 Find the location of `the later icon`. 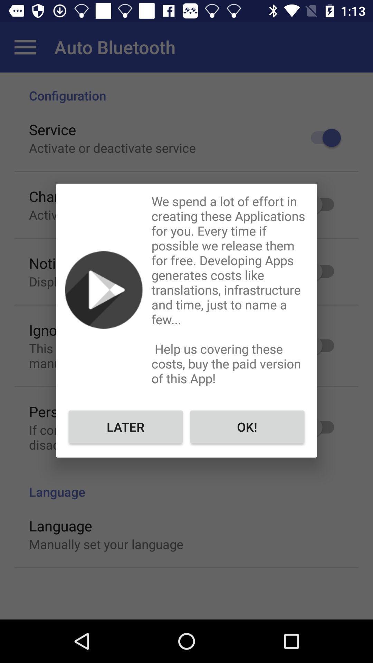

the later icon is located at coordinates (126, 426).